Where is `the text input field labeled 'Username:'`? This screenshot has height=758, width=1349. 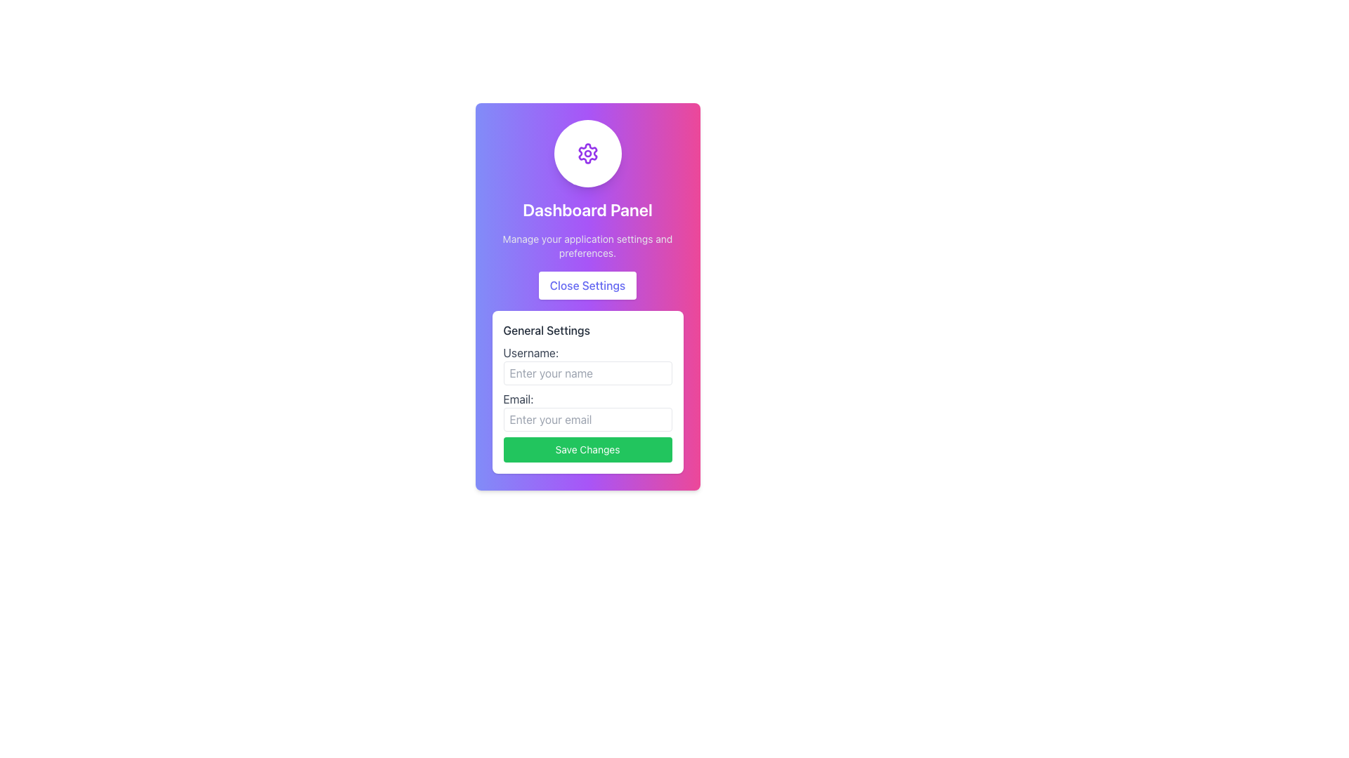 the text input field labeled 'Username:' is located at coordinates (587, 373).